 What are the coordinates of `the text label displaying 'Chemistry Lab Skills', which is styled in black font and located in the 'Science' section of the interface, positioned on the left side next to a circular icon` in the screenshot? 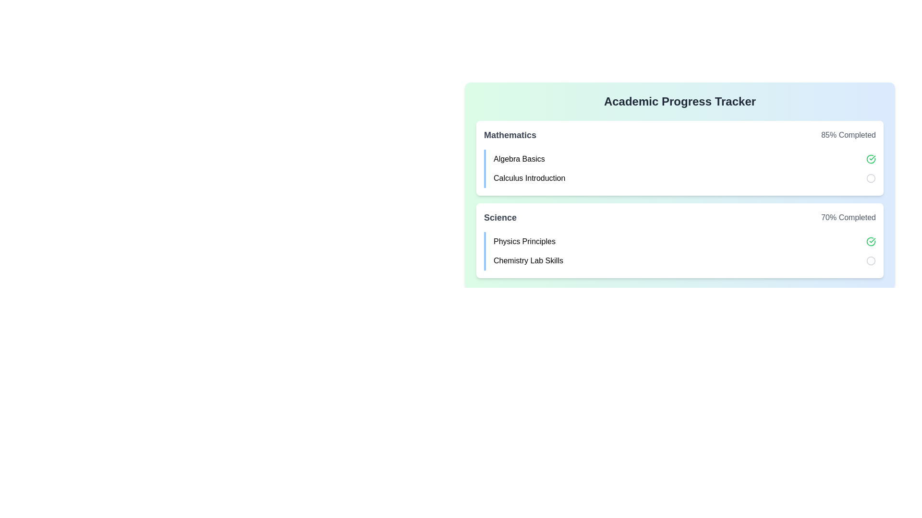 It's located at (528, 260).